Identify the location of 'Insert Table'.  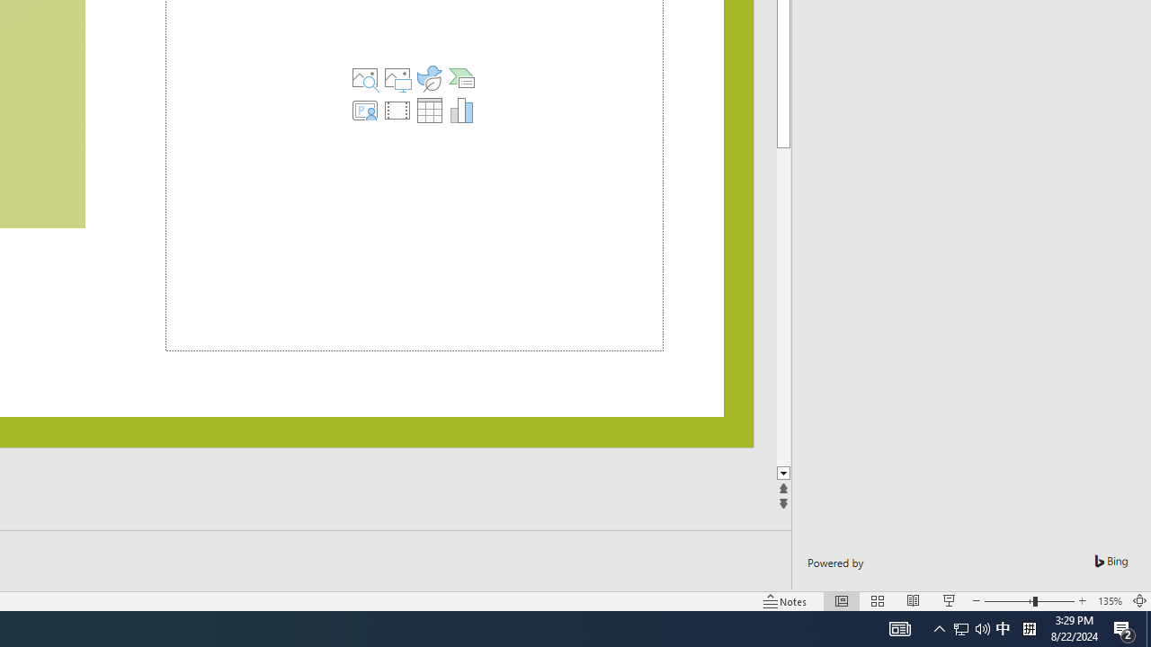
(429, 111).